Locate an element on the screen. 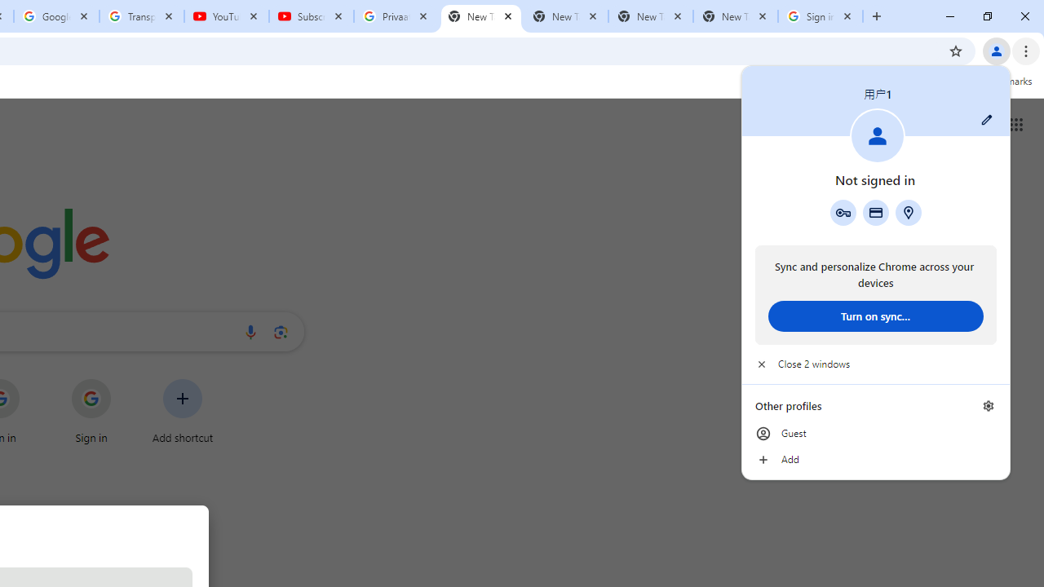 This screenshot has width=1044, height=587. 'Google Password Manager' is located at coordinates (843, 212).